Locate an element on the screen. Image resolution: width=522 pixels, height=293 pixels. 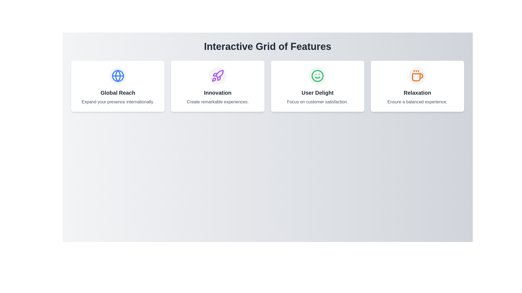
the rocket icon representing 'Innovation' in the top row of the grid layout for navigation or detailed view is located at coordinates (217, 76).